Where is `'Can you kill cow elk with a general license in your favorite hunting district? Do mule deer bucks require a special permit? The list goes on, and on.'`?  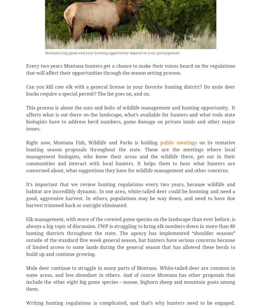 'Can you kill cow elk with a general license in your favorite hunting district? Do mule deer bucks require a special permit? The list goes on, and on.' is located at coordinates (130, 90).